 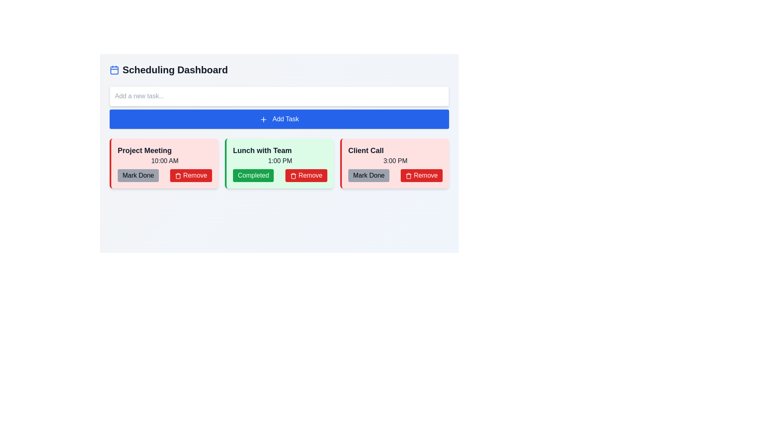 I want to click on the text display that shows the scheduled time for the event 'Lunch with Team', located in the middle card below the title and above the buttons, so click(x=280, y=161).